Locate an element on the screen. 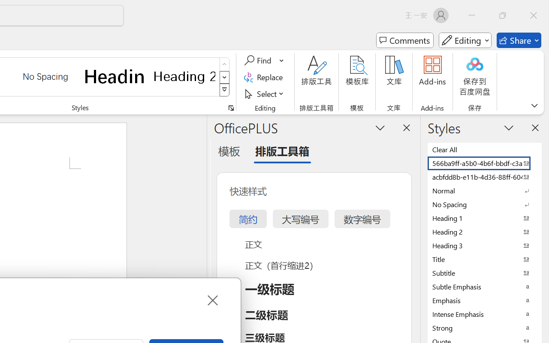 The image size is (549, 343). 'Ribbon Display Options' is located at coordinates (534, 105).